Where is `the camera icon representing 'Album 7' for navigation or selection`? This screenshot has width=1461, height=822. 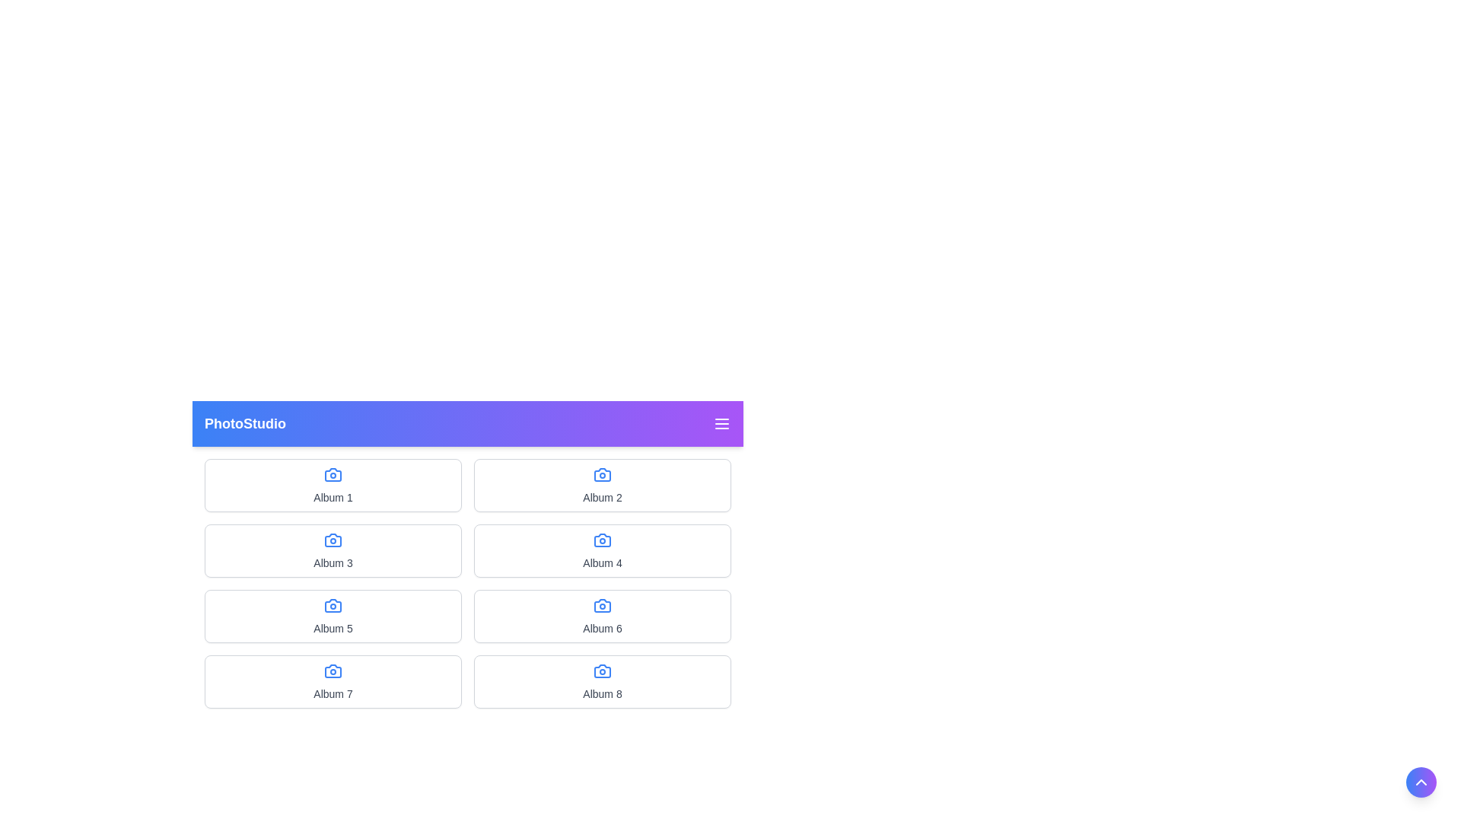
the camera icon representing 'Album 7' for navigation or selection is located at coordinates (332, 671).